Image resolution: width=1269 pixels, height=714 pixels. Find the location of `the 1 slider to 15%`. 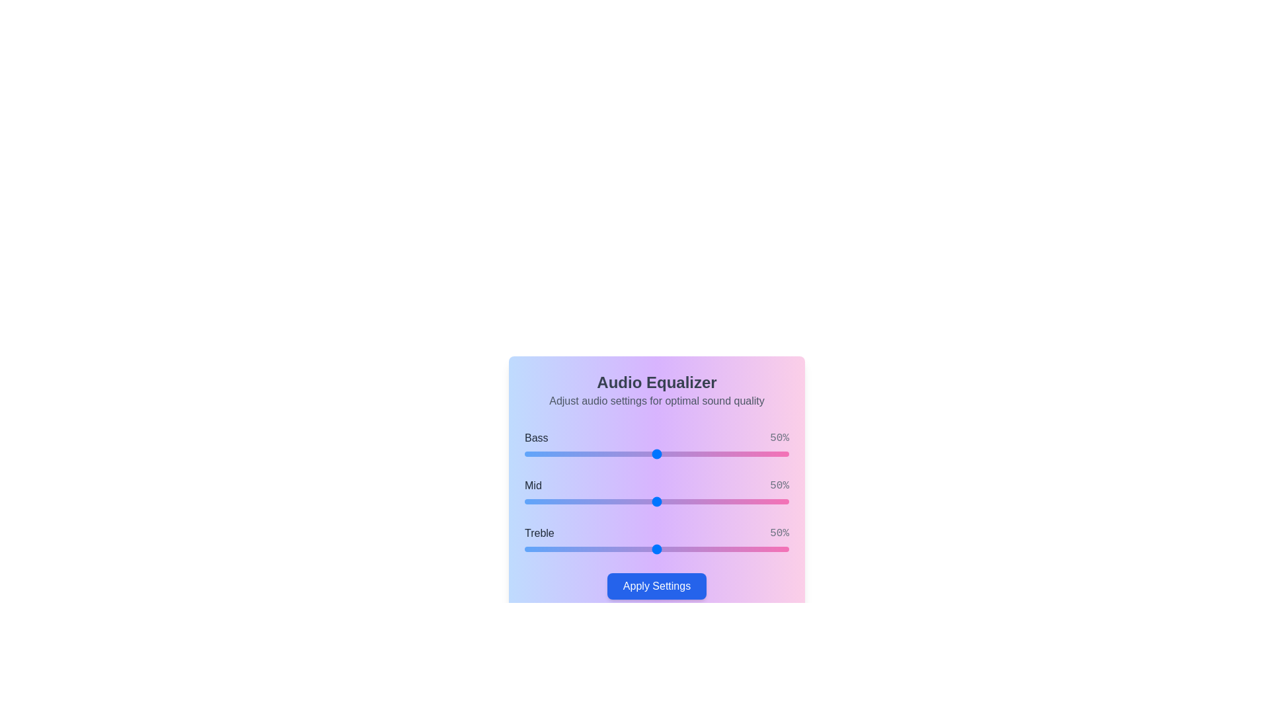

the 1 slider to 15% is located at coordinates (564, 502).